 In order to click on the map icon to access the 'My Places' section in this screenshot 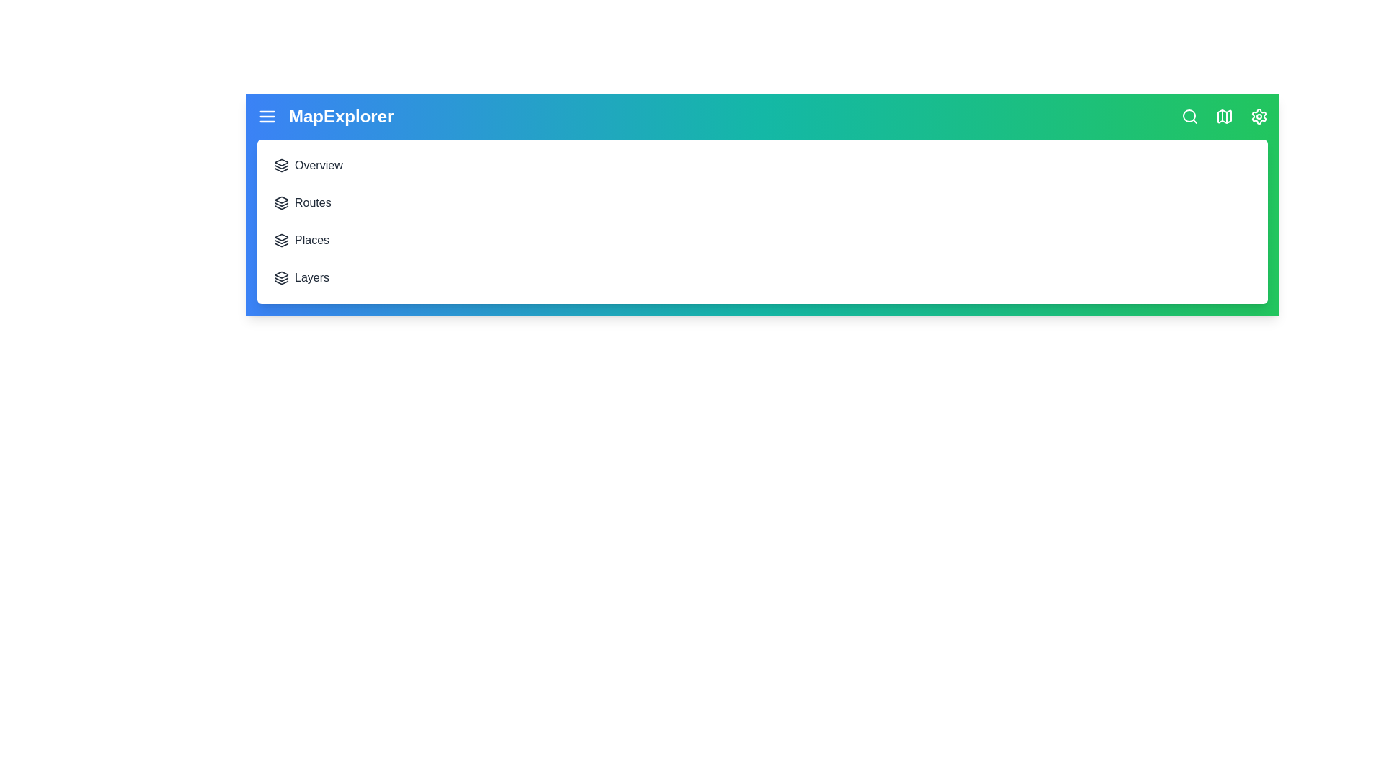, I will do `click(1224, 116)`.